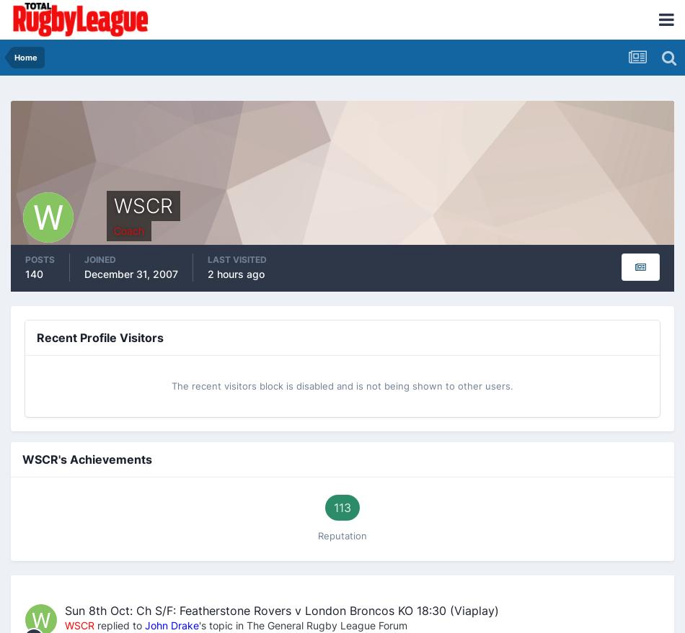  What do you see at coordinates (342, 385) in the screenshot?
I see `'The recent visitors block is disabled and is not being shown to other users.'` at bounding box center [342, 385].